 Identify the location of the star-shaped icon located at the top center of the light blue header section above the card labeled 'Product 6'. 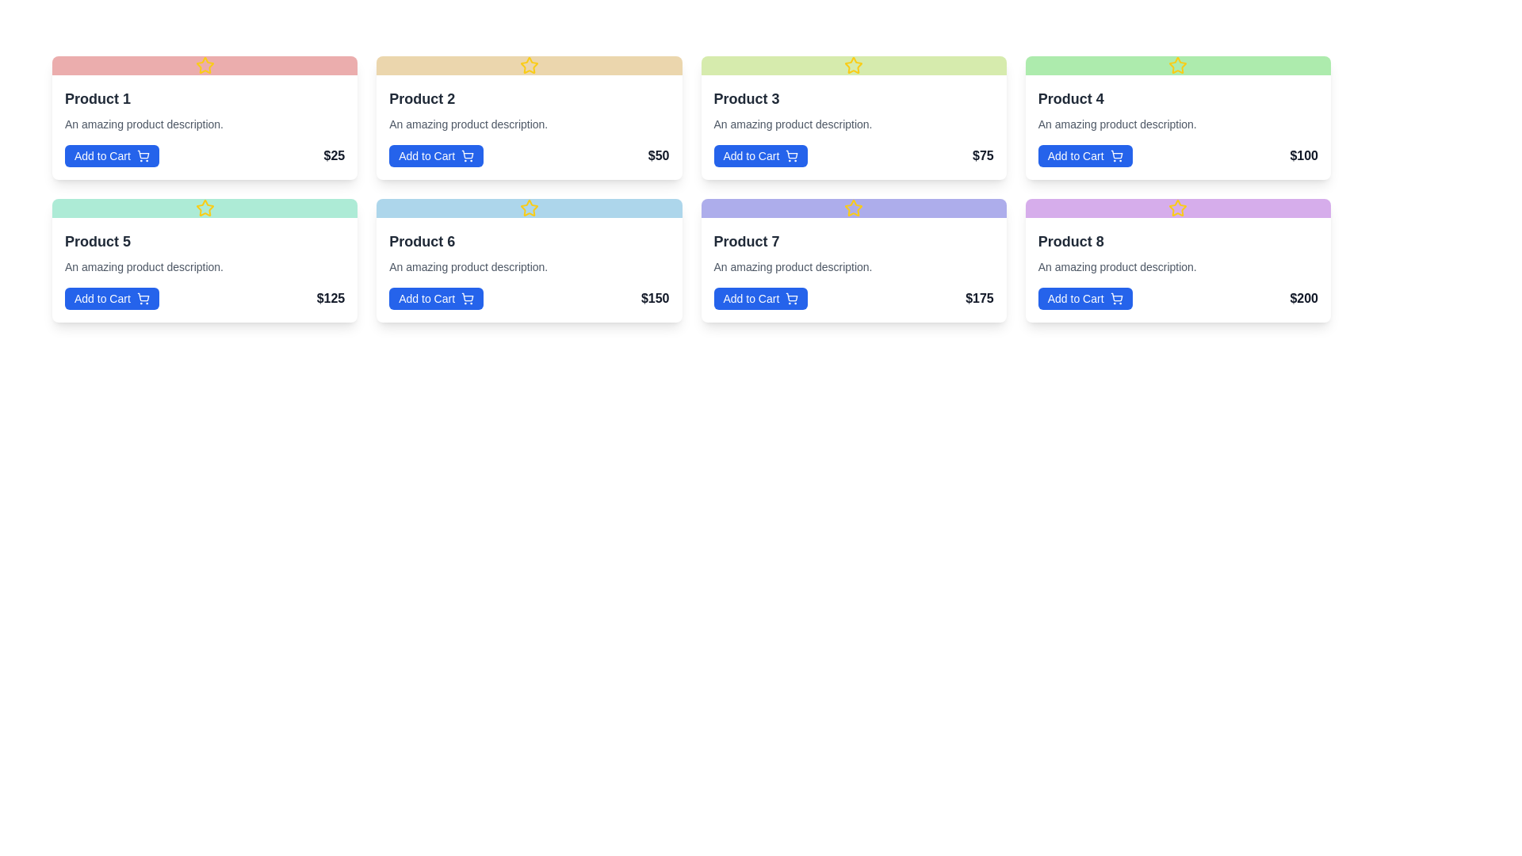
(529, 207).